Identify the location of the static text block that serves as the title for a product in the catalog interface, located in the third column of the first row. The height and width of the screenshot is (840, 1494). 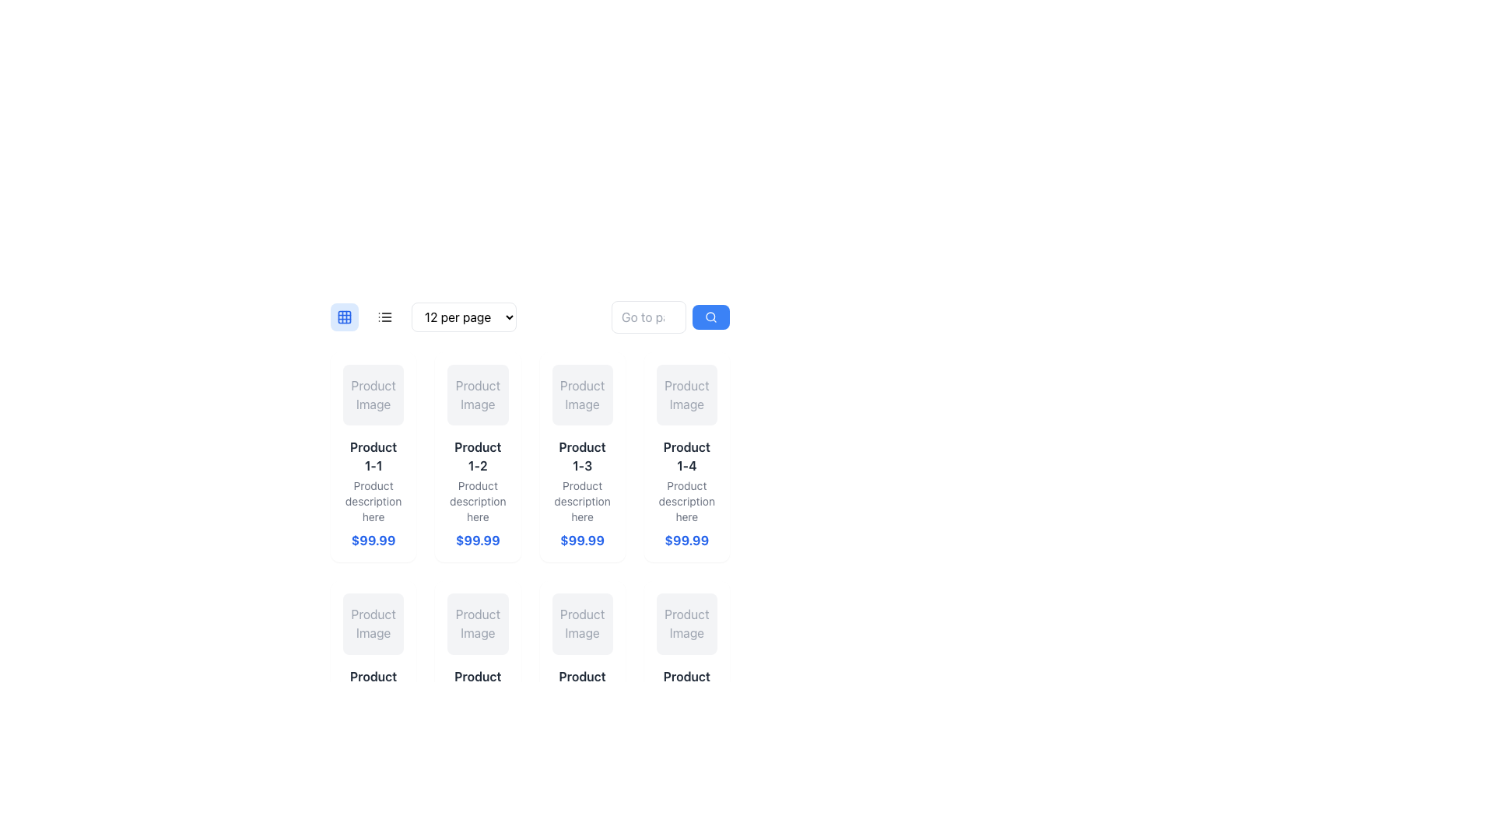
(581, 456).